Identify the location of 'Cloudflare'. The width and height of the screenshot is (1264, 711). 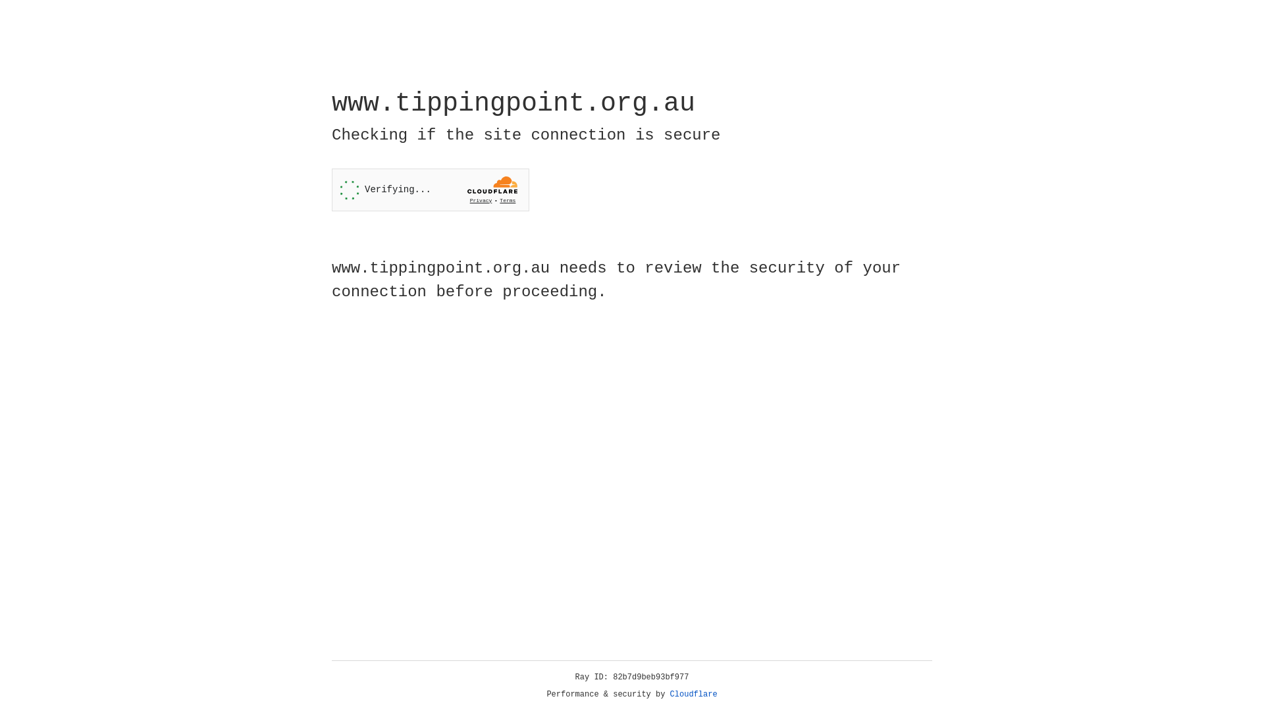
(670, 694).